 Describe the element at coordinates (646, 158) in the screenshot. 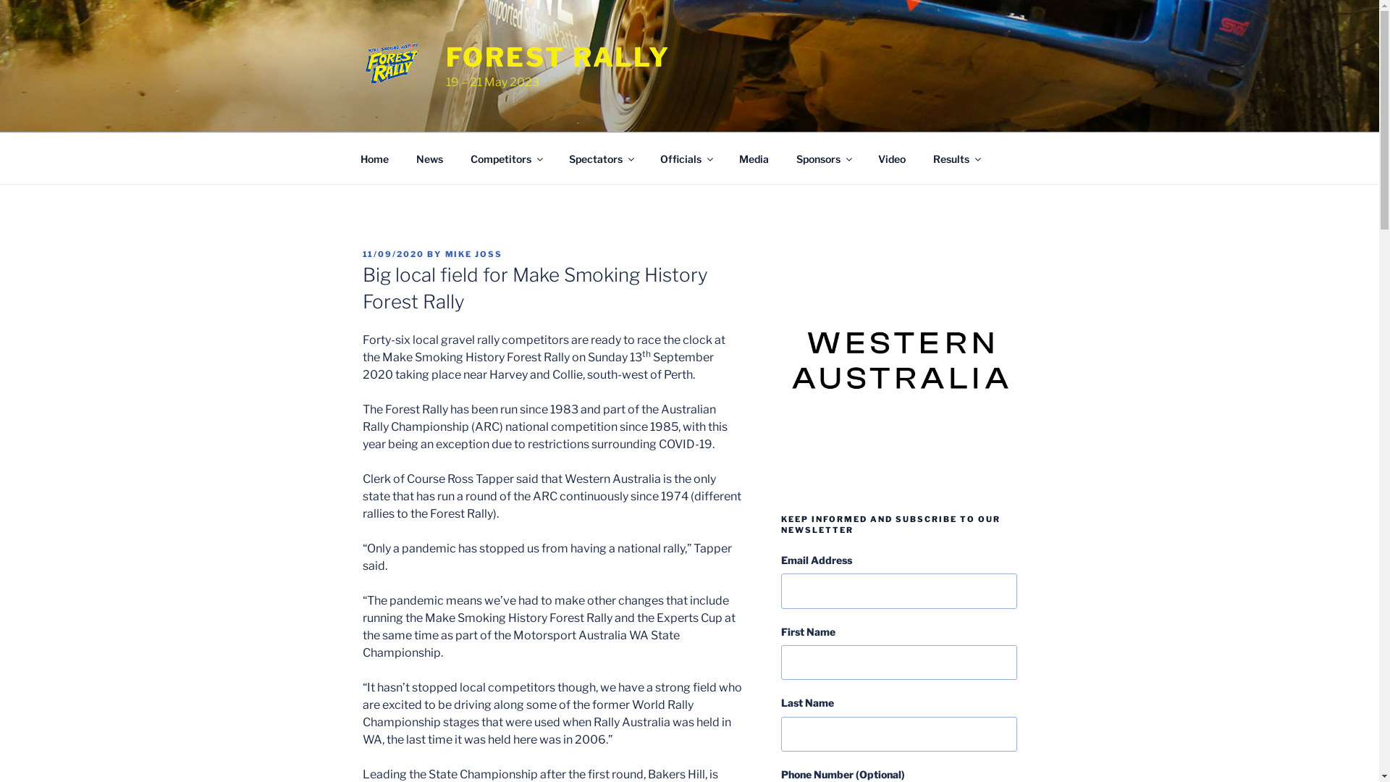

I see `'Officials'` at that location.